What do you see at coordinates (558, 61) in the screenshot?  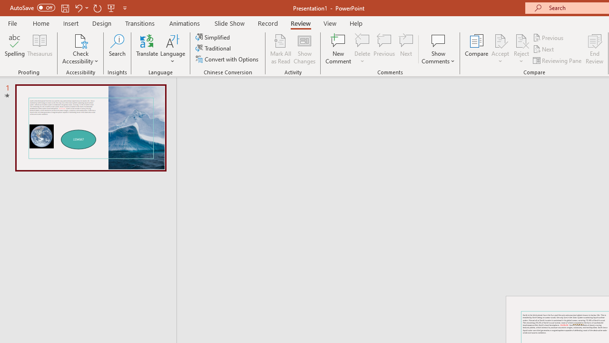 I see `'Reviewing Pane'` at bounding box center [558, 61].